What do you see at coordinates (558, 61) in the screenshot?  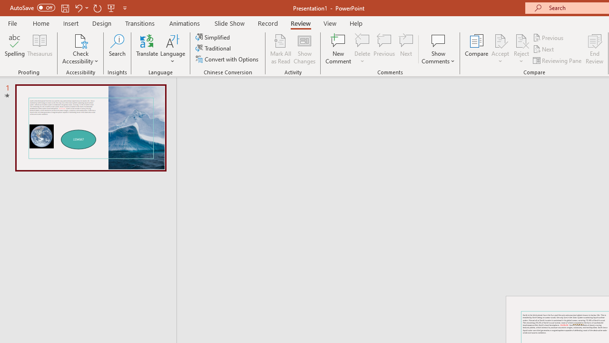 I see `'Reviewing Pane'` at bounding box center [558, 61].